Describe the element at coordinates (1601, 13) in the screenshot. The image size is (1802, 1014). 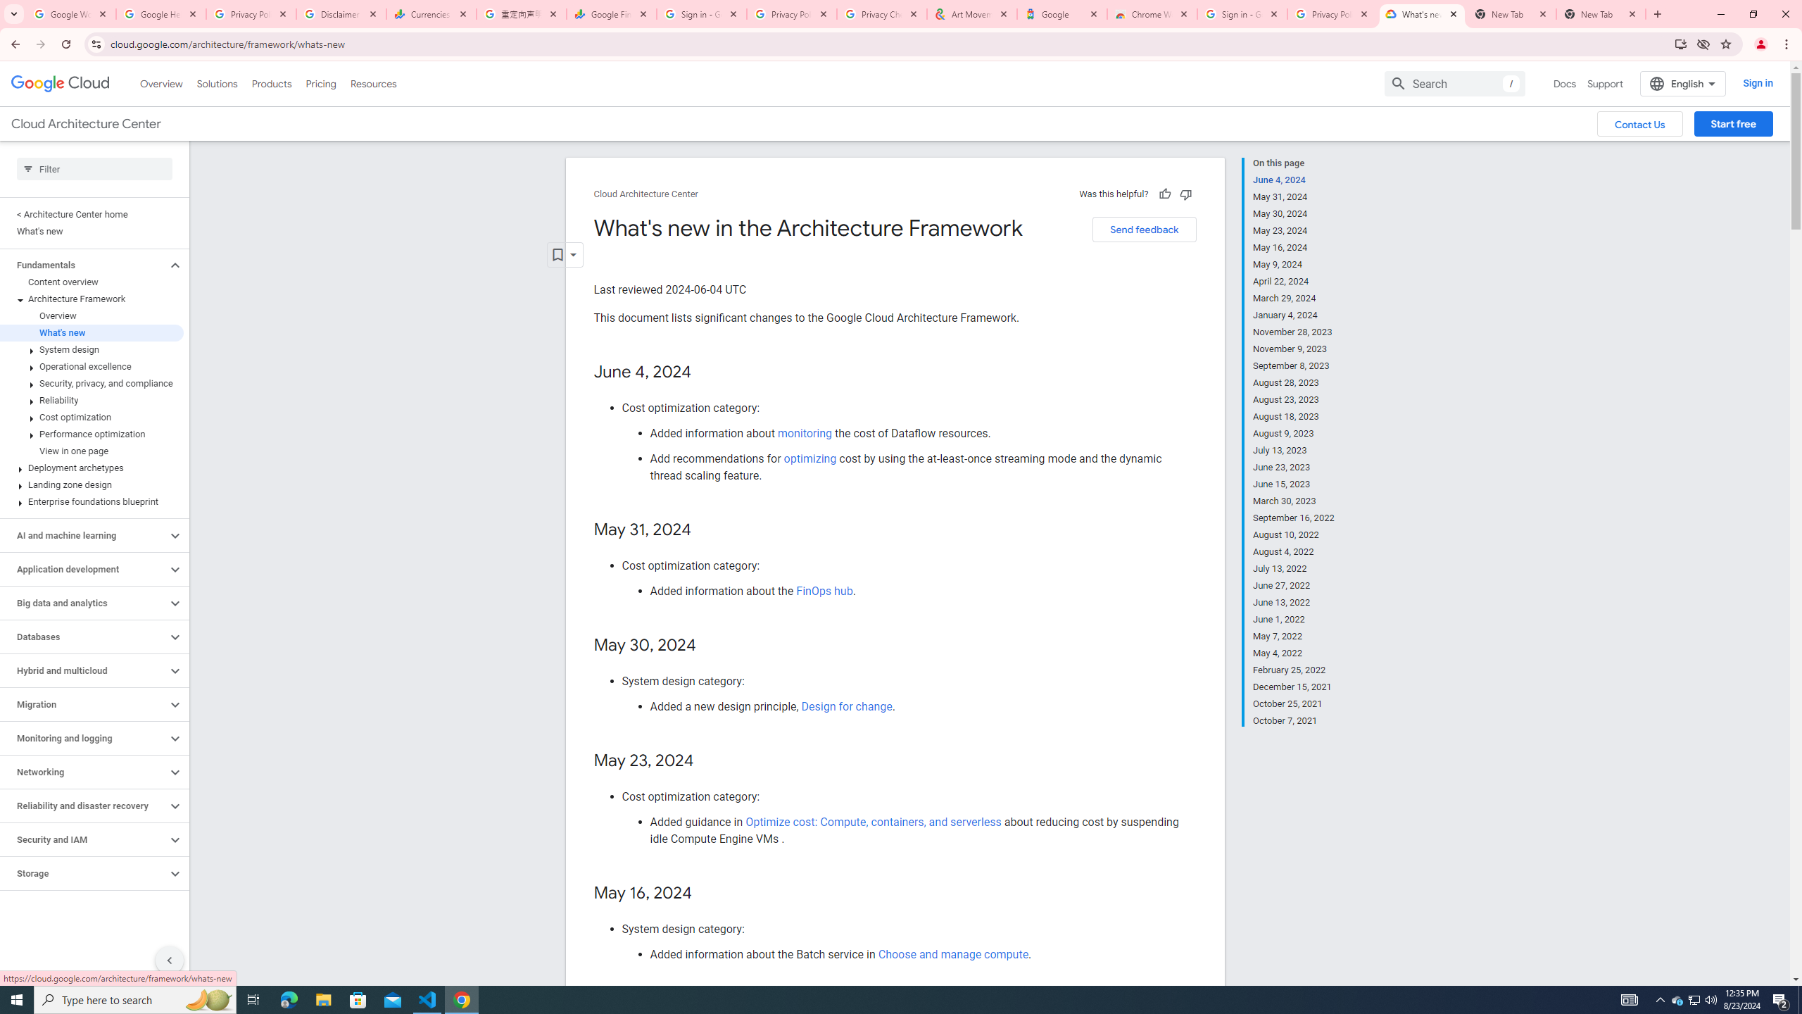
I see `'New Tab'` at that location.